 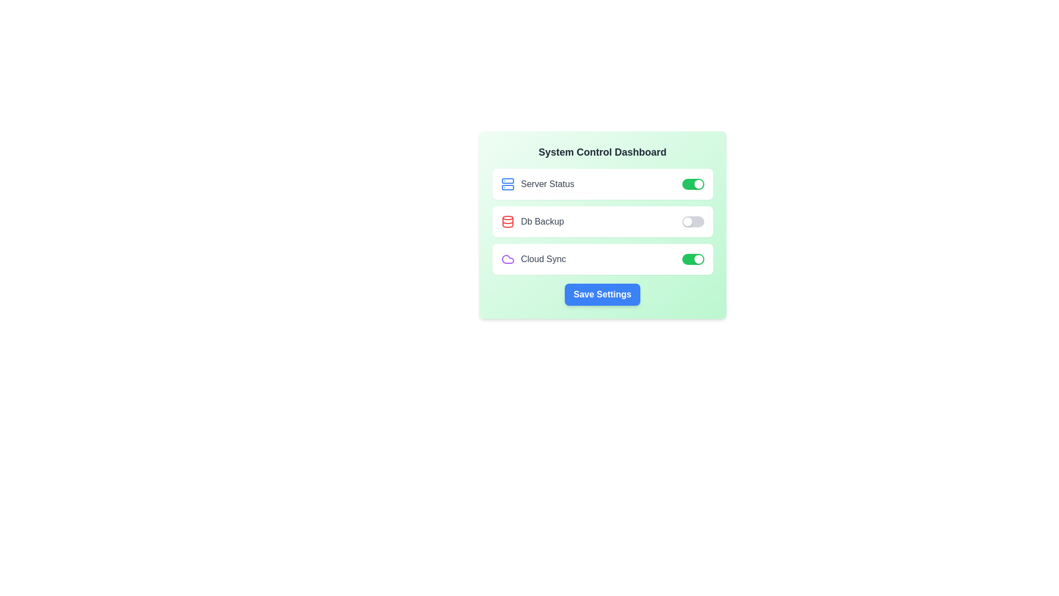 What do you see at coordinates (507, 259) in the screenshot?
I see `the icon corresponding to Cloud Sync` at bounding box center [507, 259].